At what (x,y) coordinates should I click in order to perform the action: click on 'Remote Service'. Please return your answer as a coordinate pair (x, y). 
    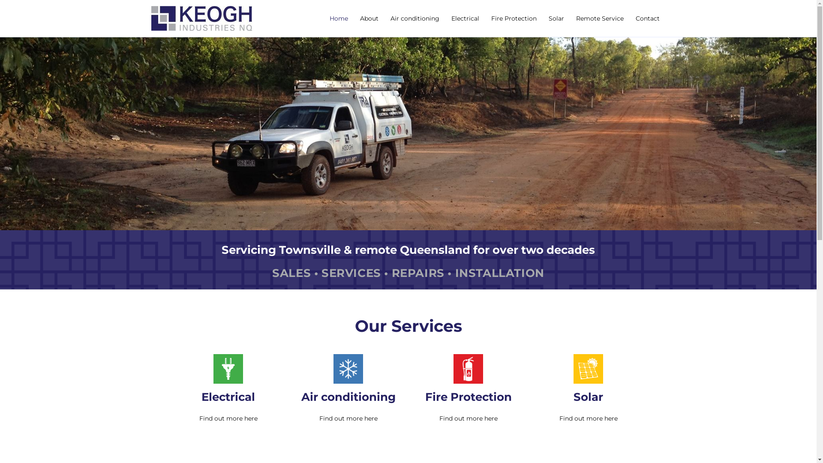
    Looking at the image, I should click on (599, 18).